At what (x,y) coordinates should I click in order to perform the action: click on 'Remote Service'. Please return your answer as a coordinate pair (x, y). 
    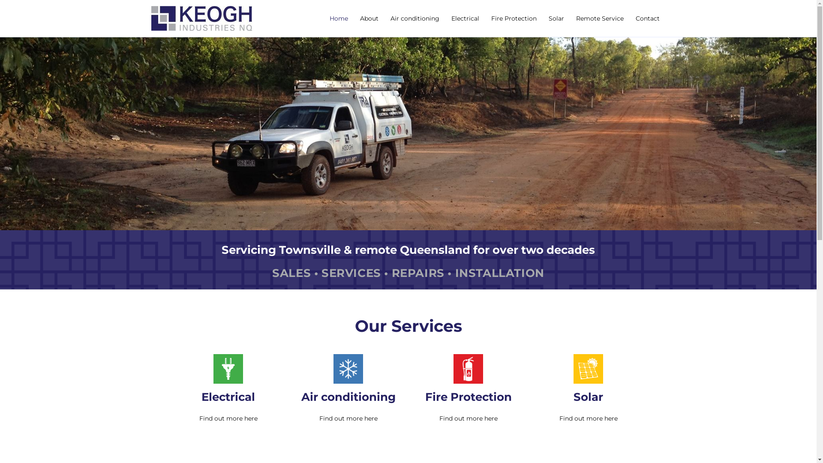
    Looking at the image, I should click on (599, 18).